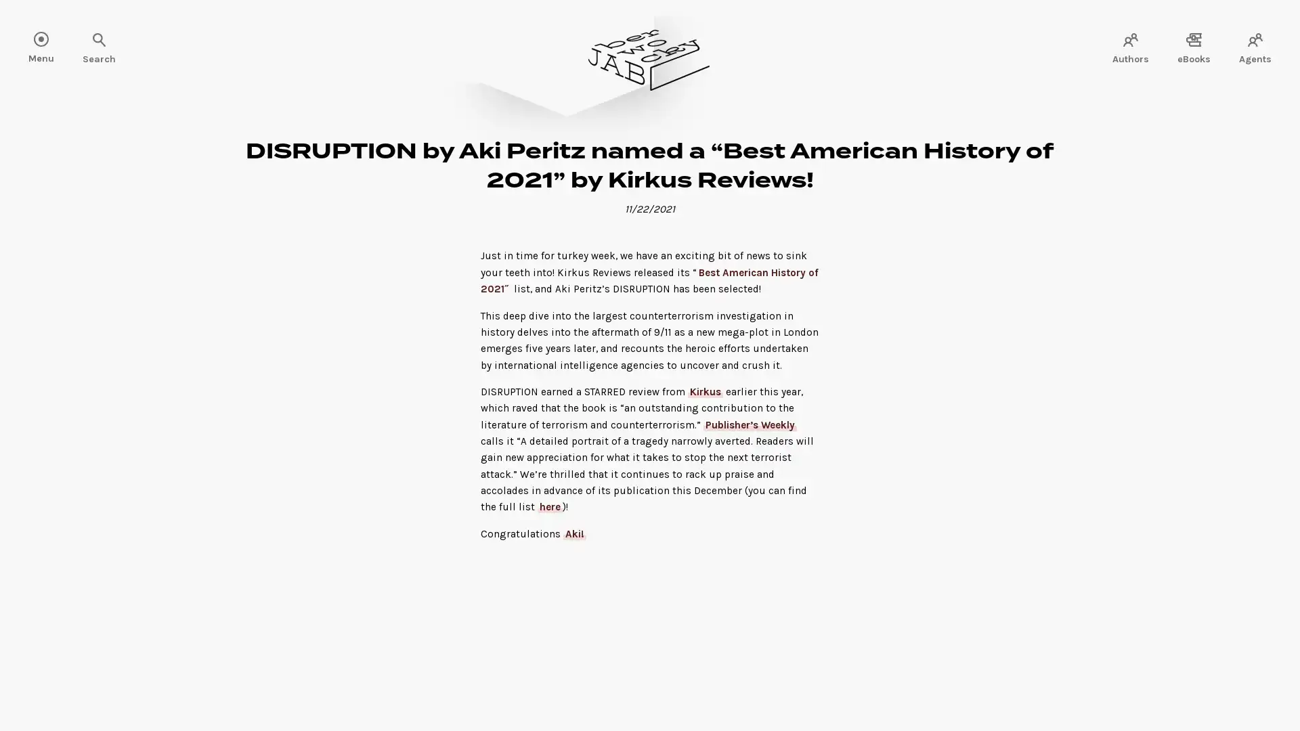 The width and height of the screenshot is (1300, 731). I want to click on Search, so click(54, 41).